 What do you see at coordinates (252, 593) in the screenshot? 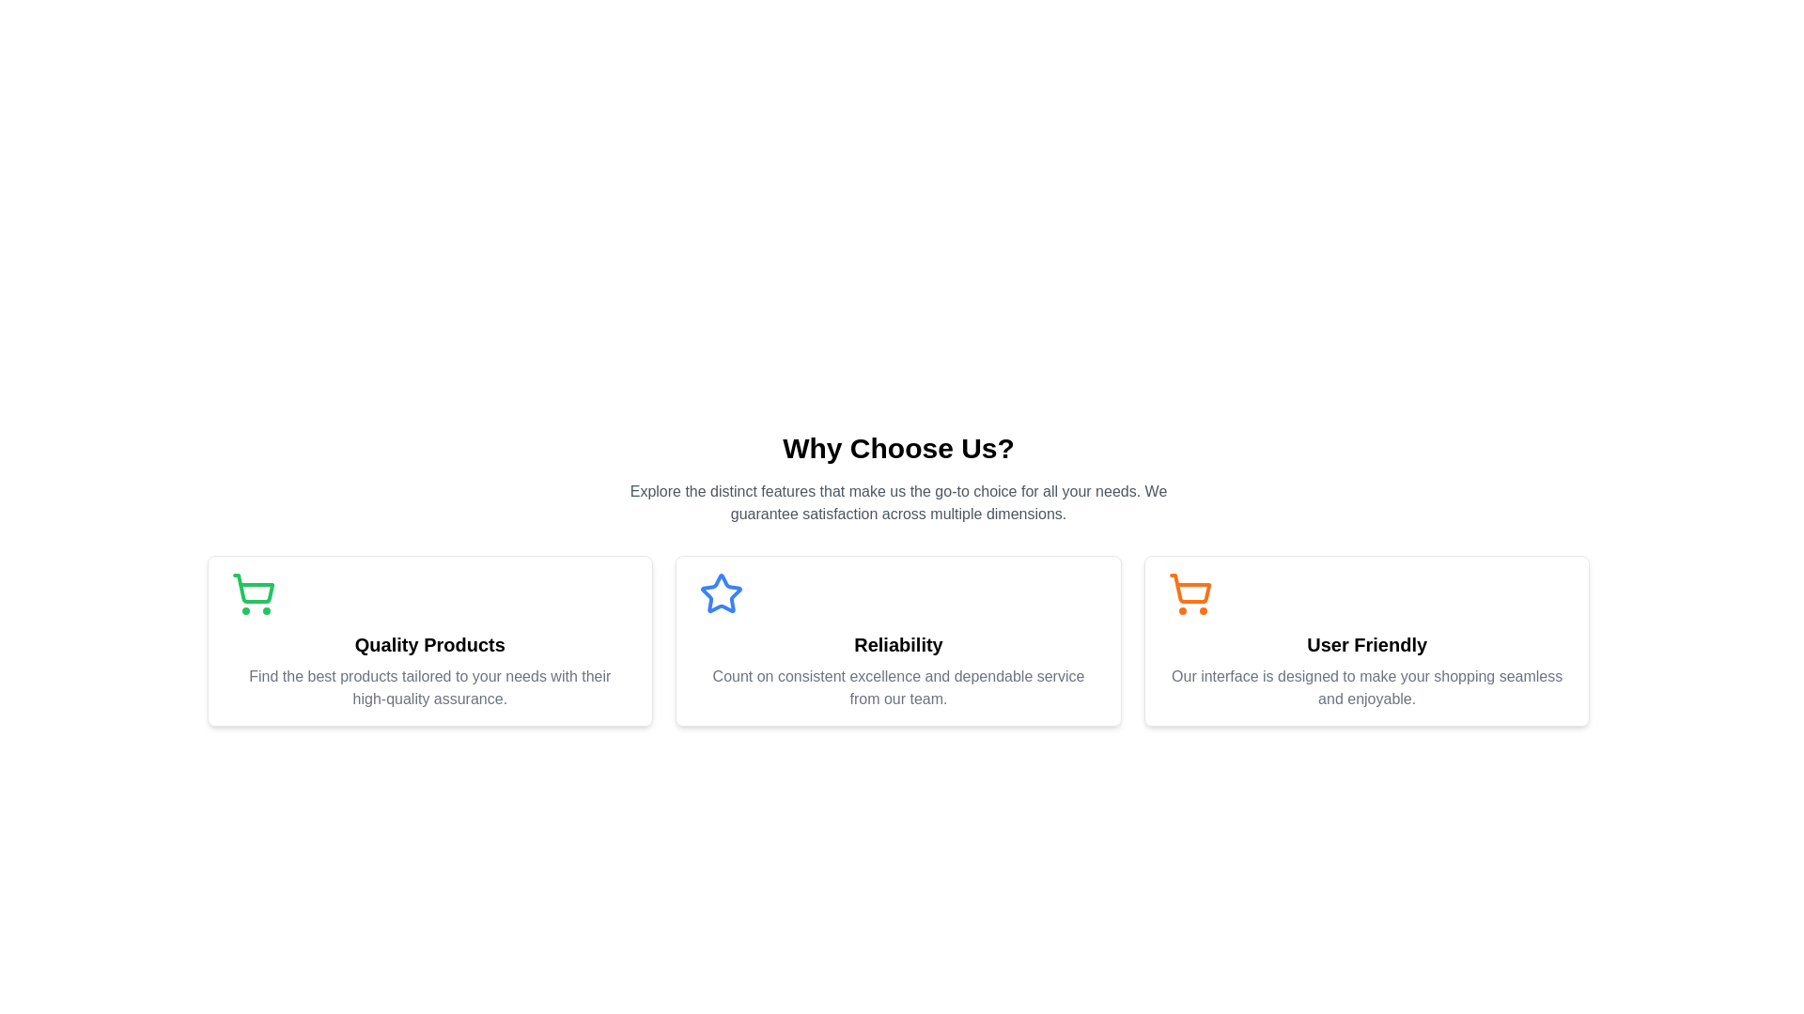
I see `the green shopping cart icon located at the leftmost side of the first card in a three-card row layout` at bounding box center [252, 593].